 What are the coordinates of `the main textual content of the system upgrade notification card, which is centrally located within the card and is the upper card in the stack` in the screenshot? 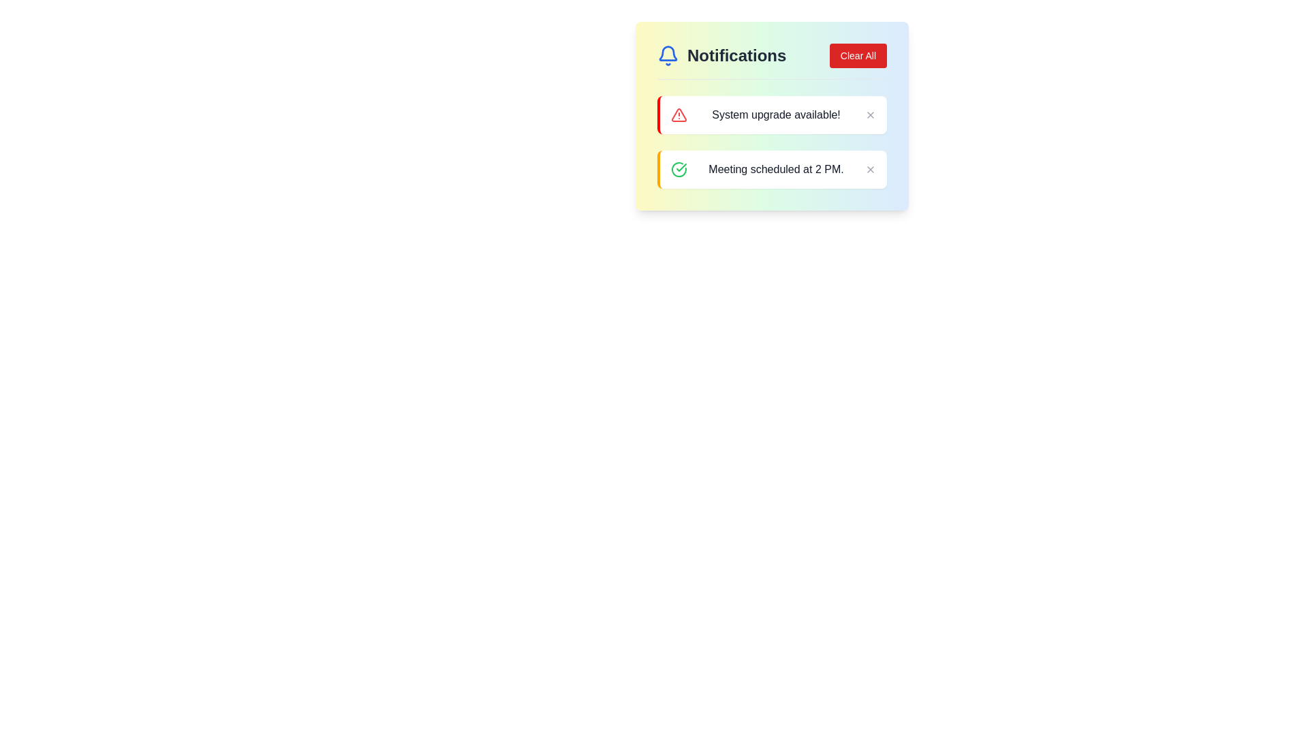 It's located at (776, 114).